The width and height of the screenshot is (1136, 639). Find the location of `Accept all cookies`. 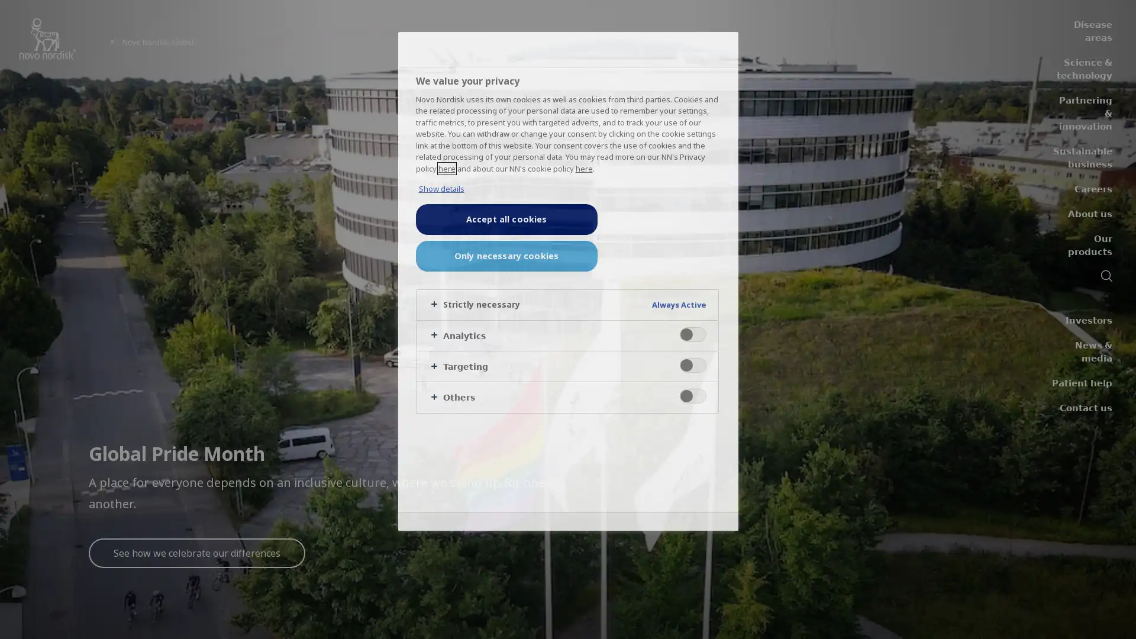

Accept all cookies is located at coordinates (506, 219).